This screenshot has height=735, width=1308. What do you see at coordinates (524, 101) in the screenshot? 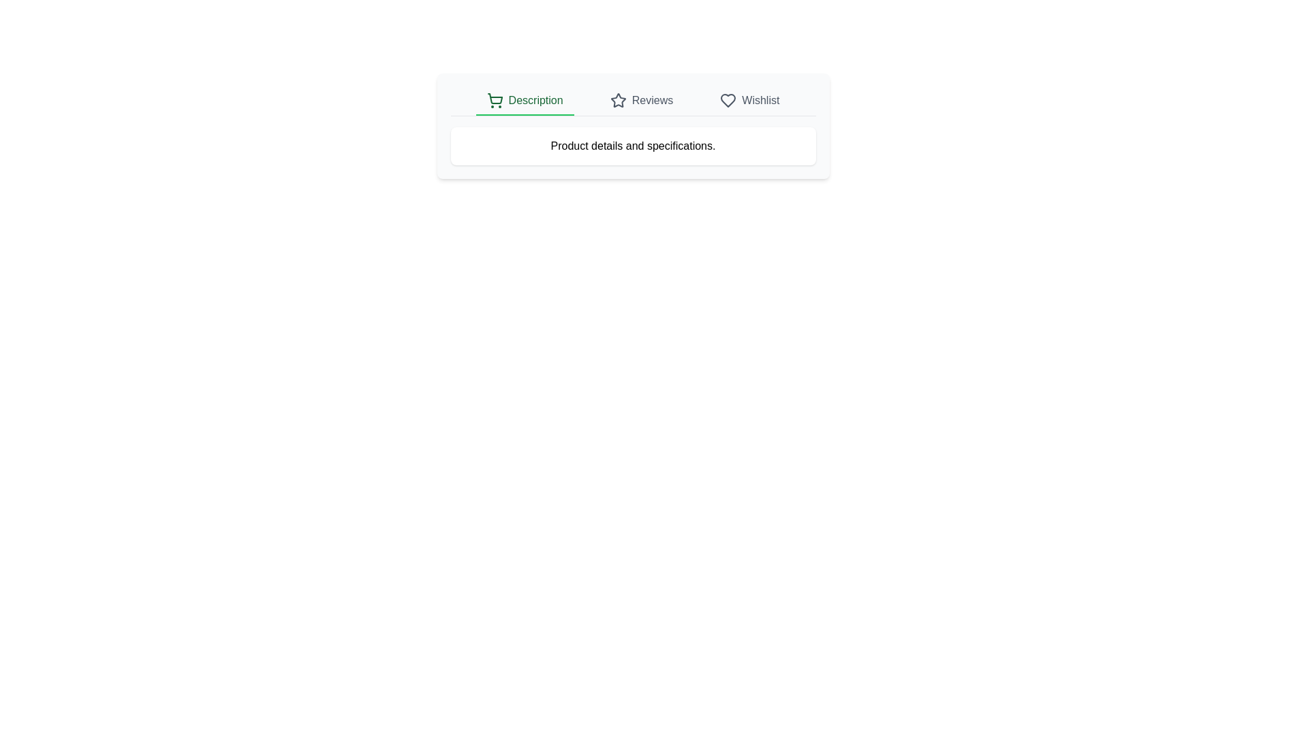
I see `the tab labeled Description to observe its hover effect` at bounding box center [524, 101].